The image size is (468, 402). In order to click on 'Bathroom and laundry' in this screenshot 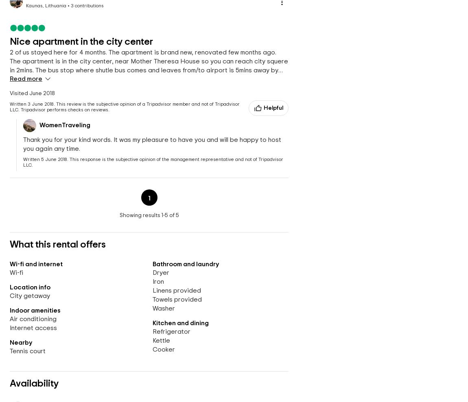, I will do `click(185, 264)`.